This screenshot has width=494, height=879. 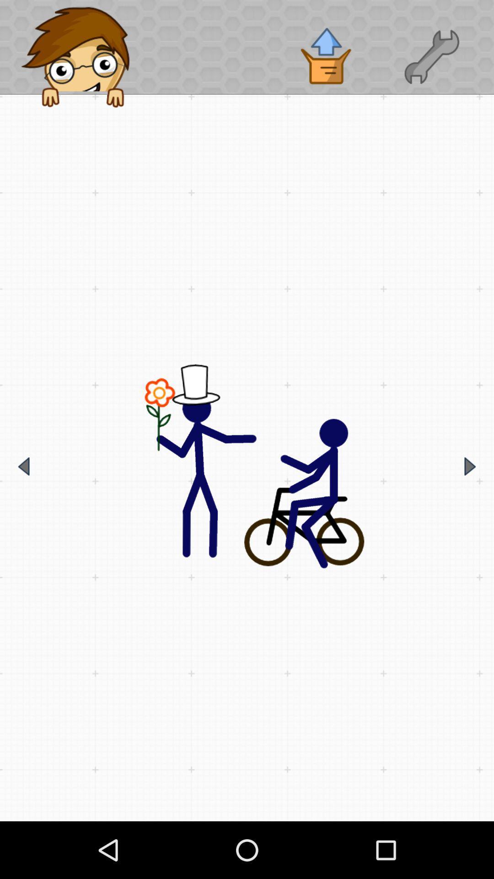 What do you see at coordinates (470, 466) in the screenshot?
I see `the play icon` at bounding box center [470, 466].